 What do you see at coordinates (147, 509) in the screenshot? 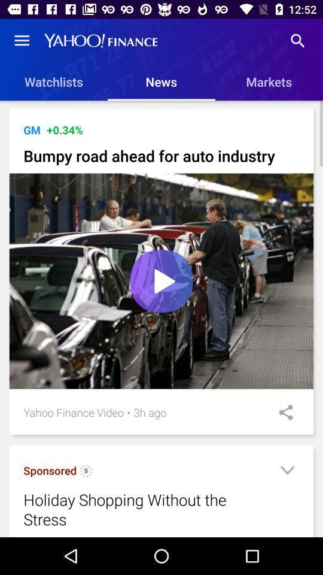
I see `holiday shopping without item` at bounding box center [147, 509].